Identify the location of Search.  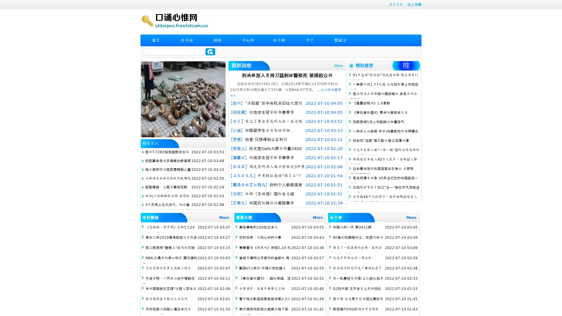
(210, 51).